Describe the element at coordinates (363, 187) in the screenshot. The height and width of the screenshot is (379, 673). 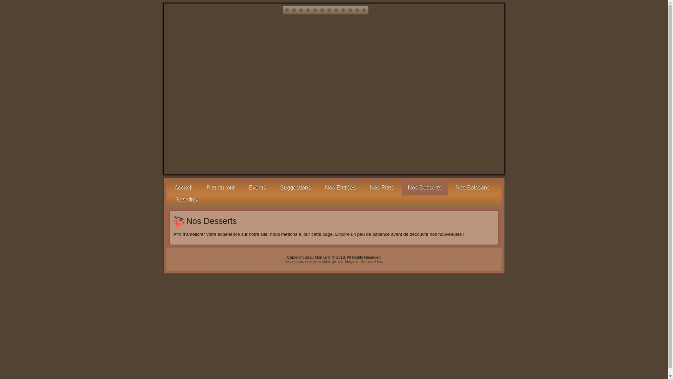
I see `'Nos Plats'` at that location.